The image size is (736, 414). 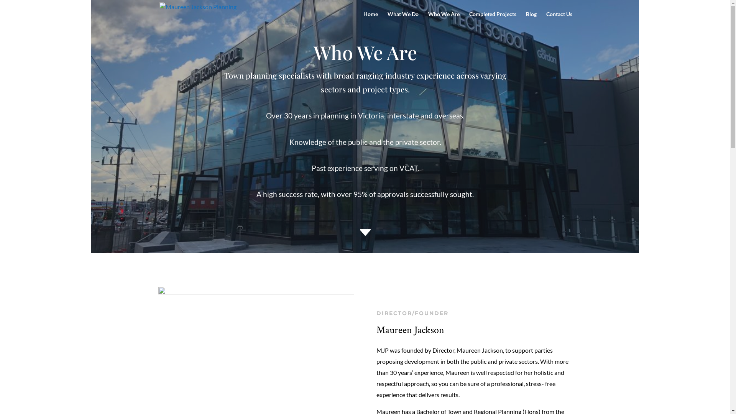 I want to click on 'Who We Are', so click(x=443, y=19).